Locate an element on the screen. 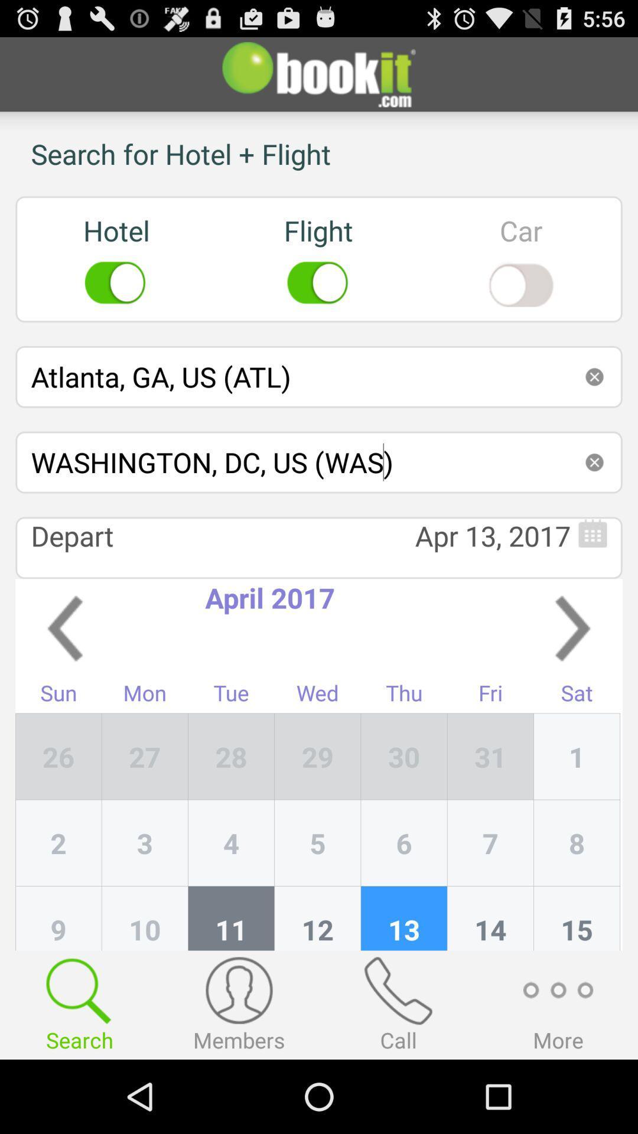  the arrow_forward icon is located at coordinates (572, 672).